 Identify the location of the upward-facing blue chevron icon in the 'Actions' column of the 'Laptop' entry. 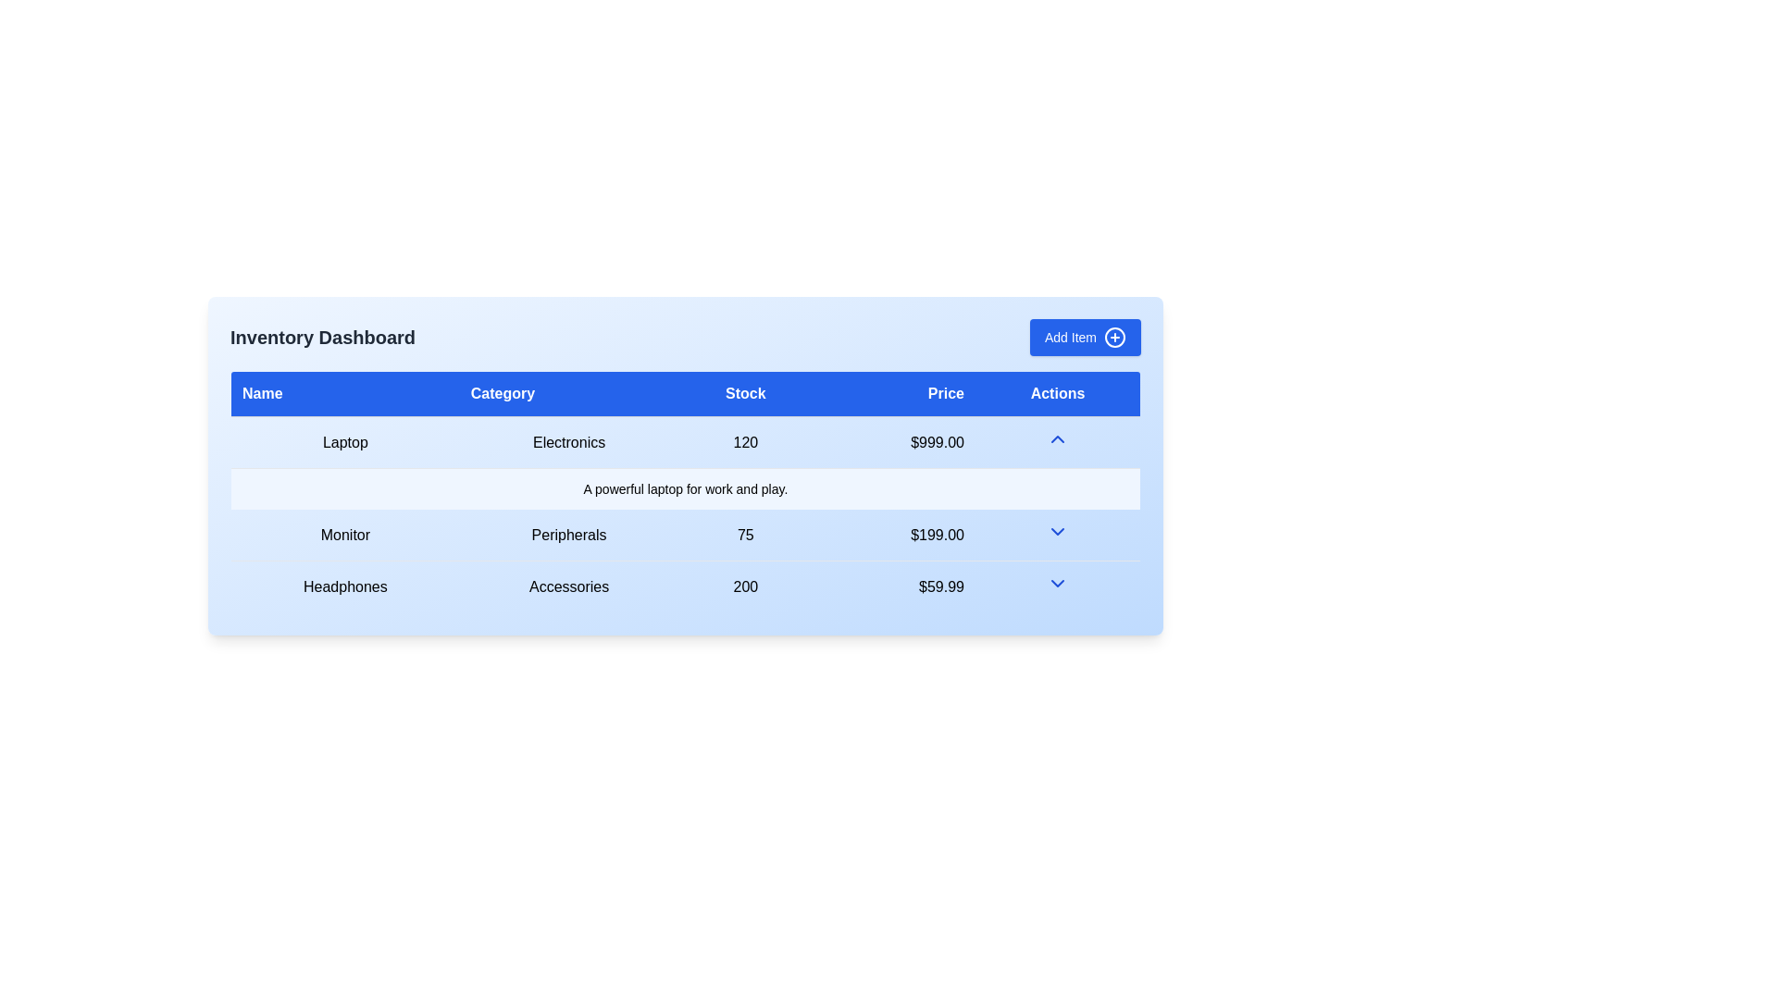
(1057, 438).